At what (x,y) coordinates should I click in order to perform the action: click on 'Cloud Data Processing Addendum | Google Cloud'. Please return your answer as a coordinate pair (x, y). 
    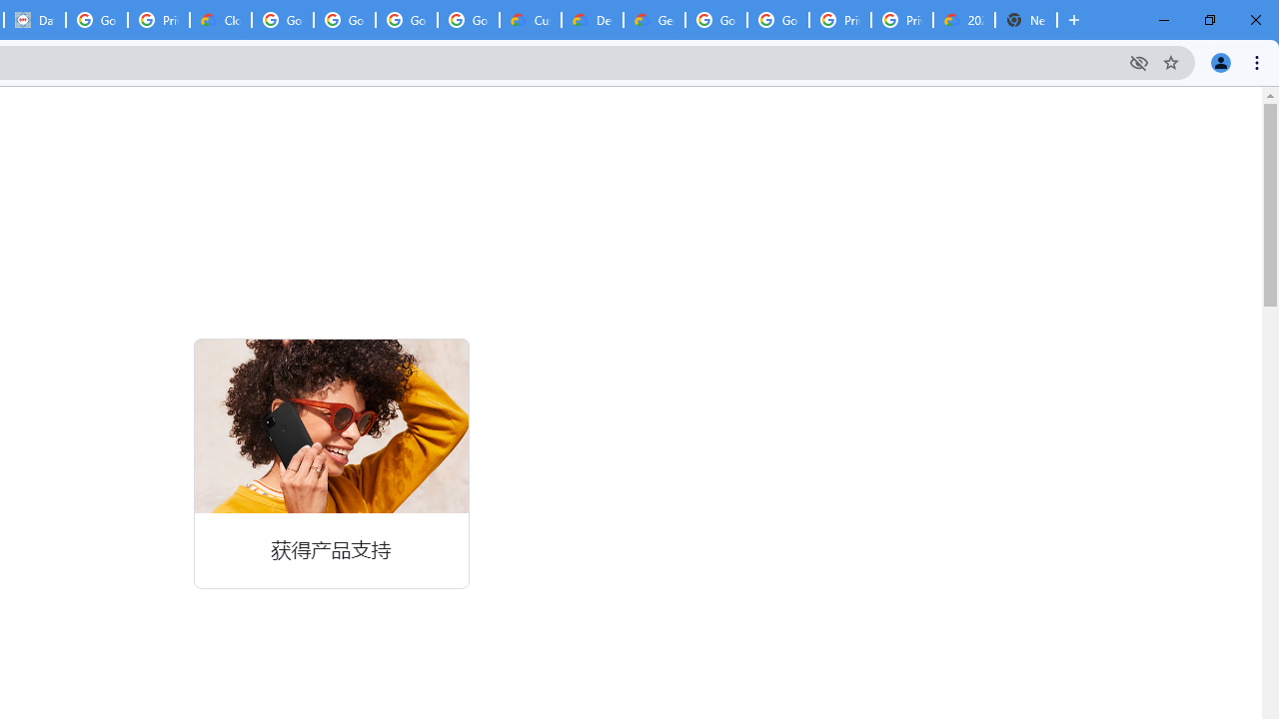
    Looking at the image, I should click on (220, 20).